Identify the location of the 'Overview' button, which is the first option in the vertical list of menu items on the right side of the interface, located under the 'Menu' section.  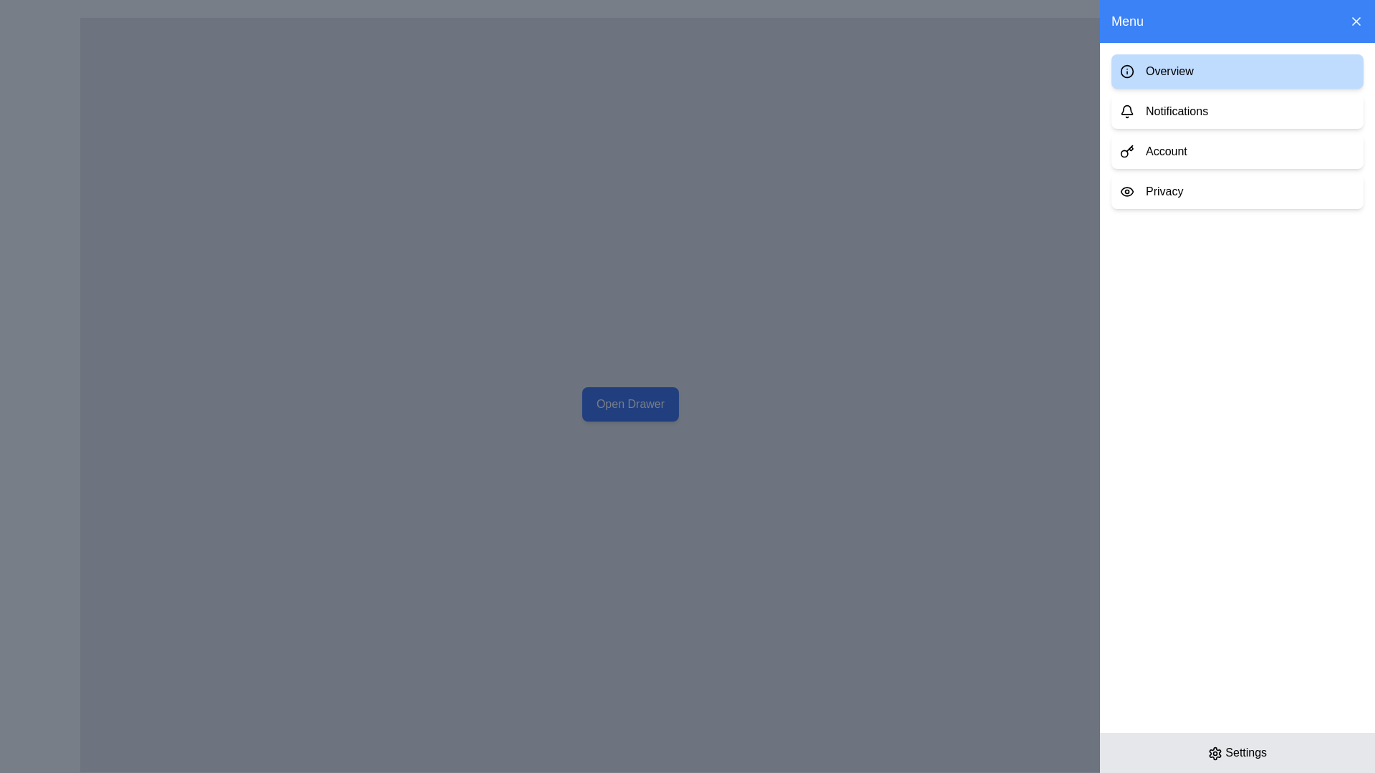
(1237, 72).